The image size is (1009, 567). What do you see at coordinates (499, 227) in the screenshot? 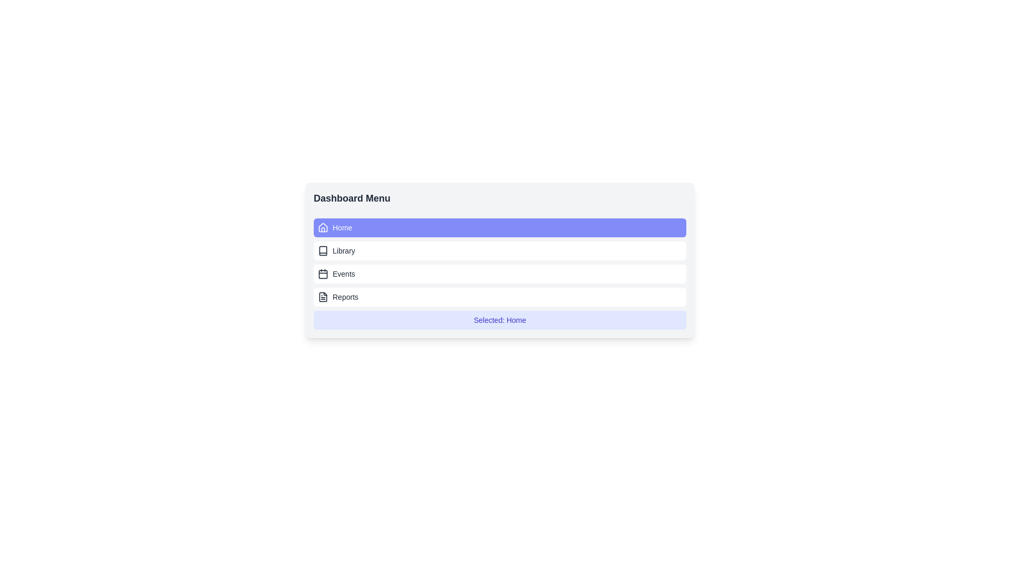
I see `the button labeled Home to select the corresponding menu item` at bounding box center [499, 227].